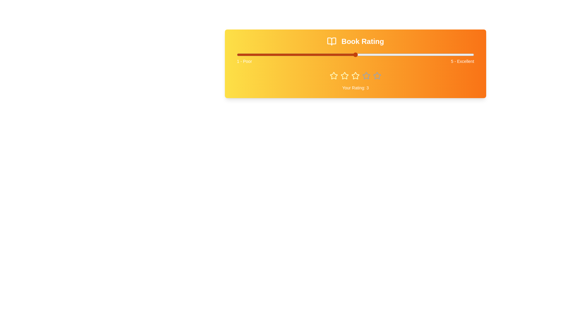  What do you see at coordinates (377, 75) in the screenshot?
I see `the third star icon in the rating section labeled 'Book Rating'` at bounding box center [377, 75].